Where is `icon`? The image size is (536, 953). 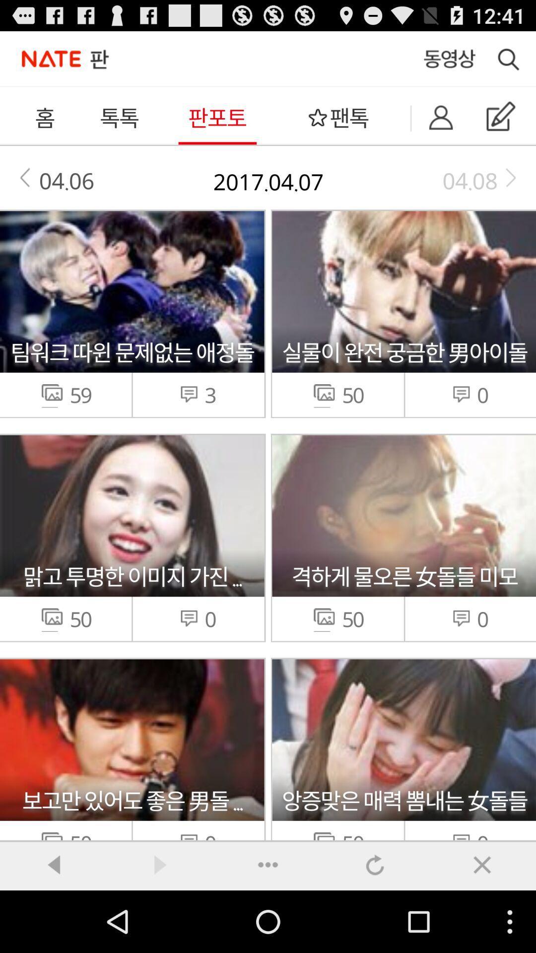 icon is located at coordinates (268, 864).